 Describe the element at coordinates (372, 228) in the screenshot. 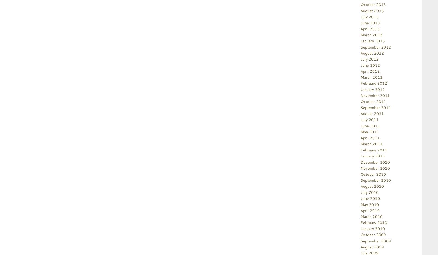

I see `'January 2010'` at that location.